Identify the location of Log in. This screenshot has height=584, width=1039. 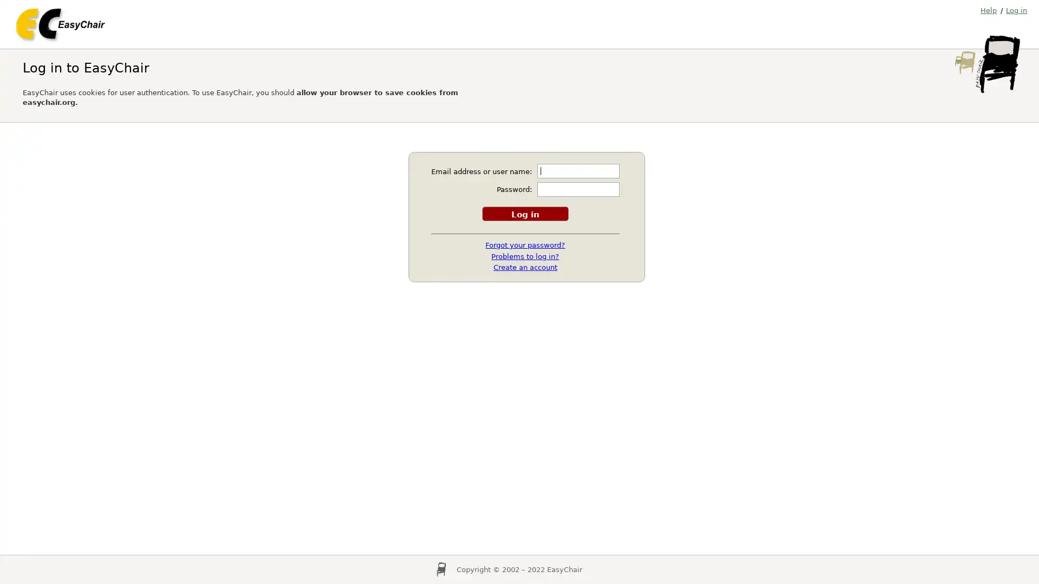
(524, 213).